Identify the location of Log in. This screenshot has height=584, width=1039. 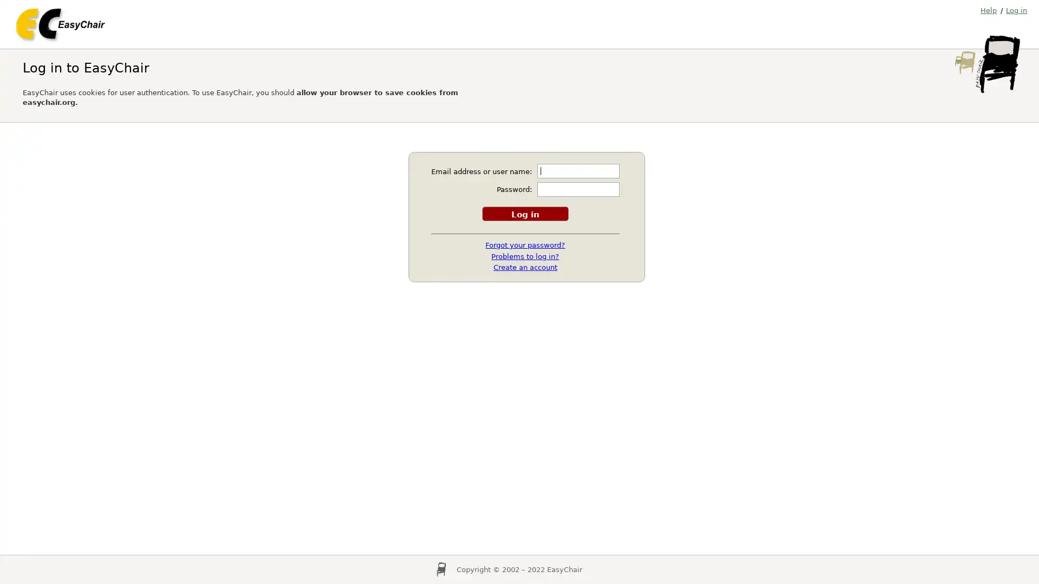
(524, 213).